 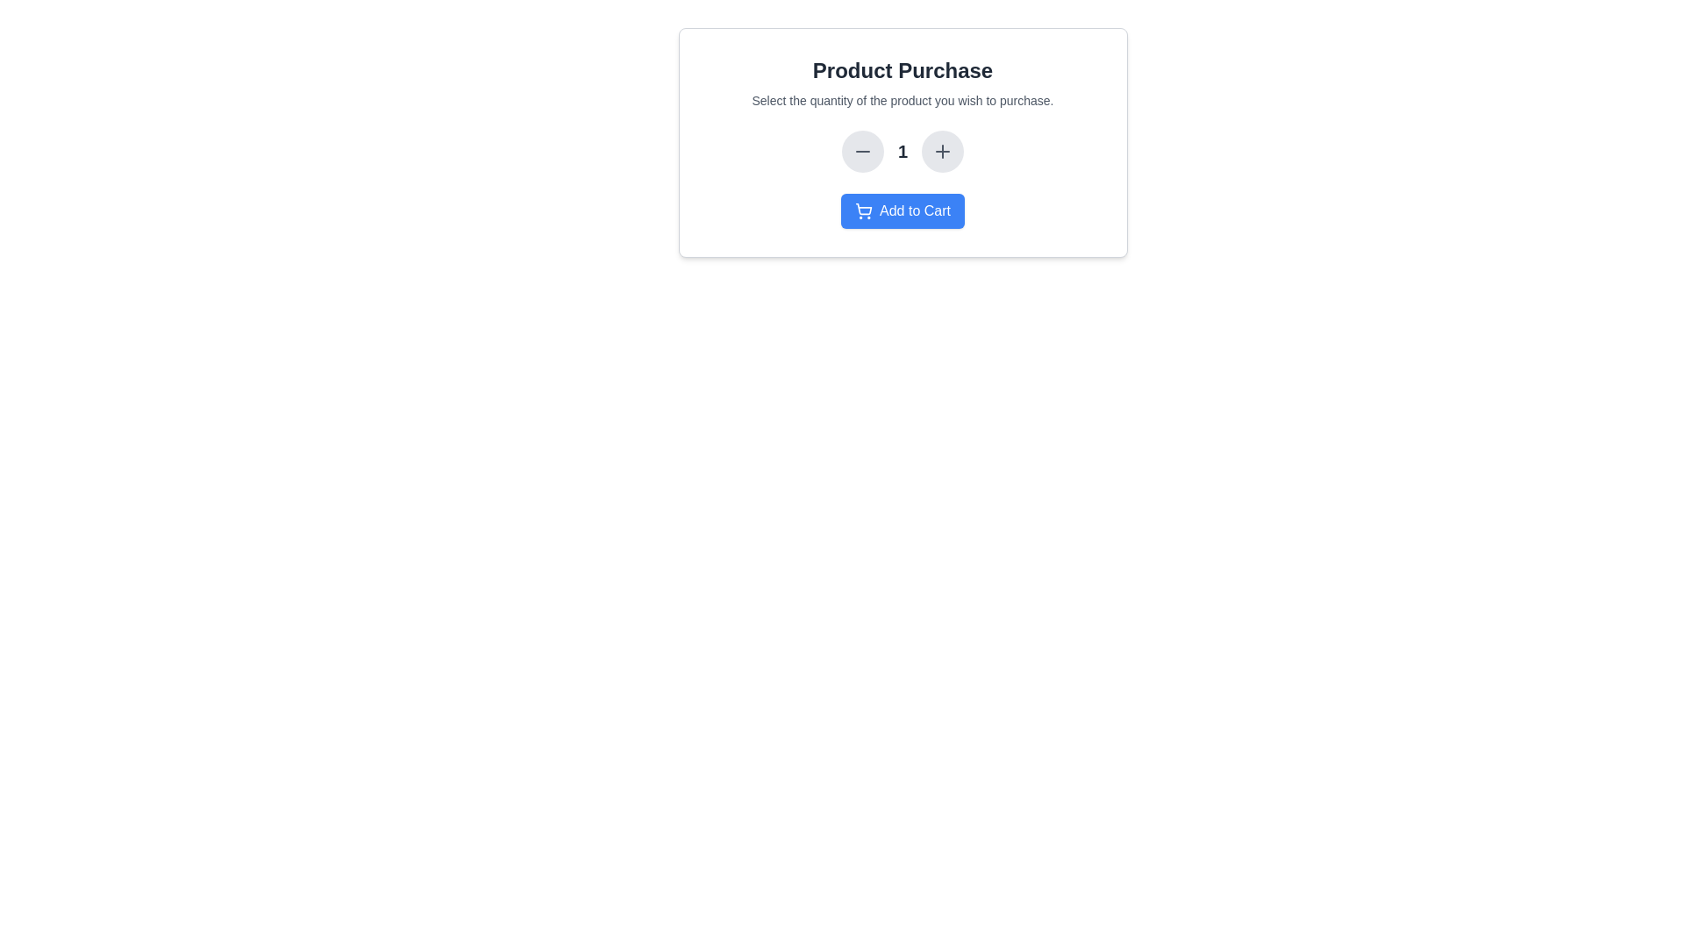 I want to click on the increment button, which is located to the right of the number 1, to observe its hover effect, so click(x=942, y=151).